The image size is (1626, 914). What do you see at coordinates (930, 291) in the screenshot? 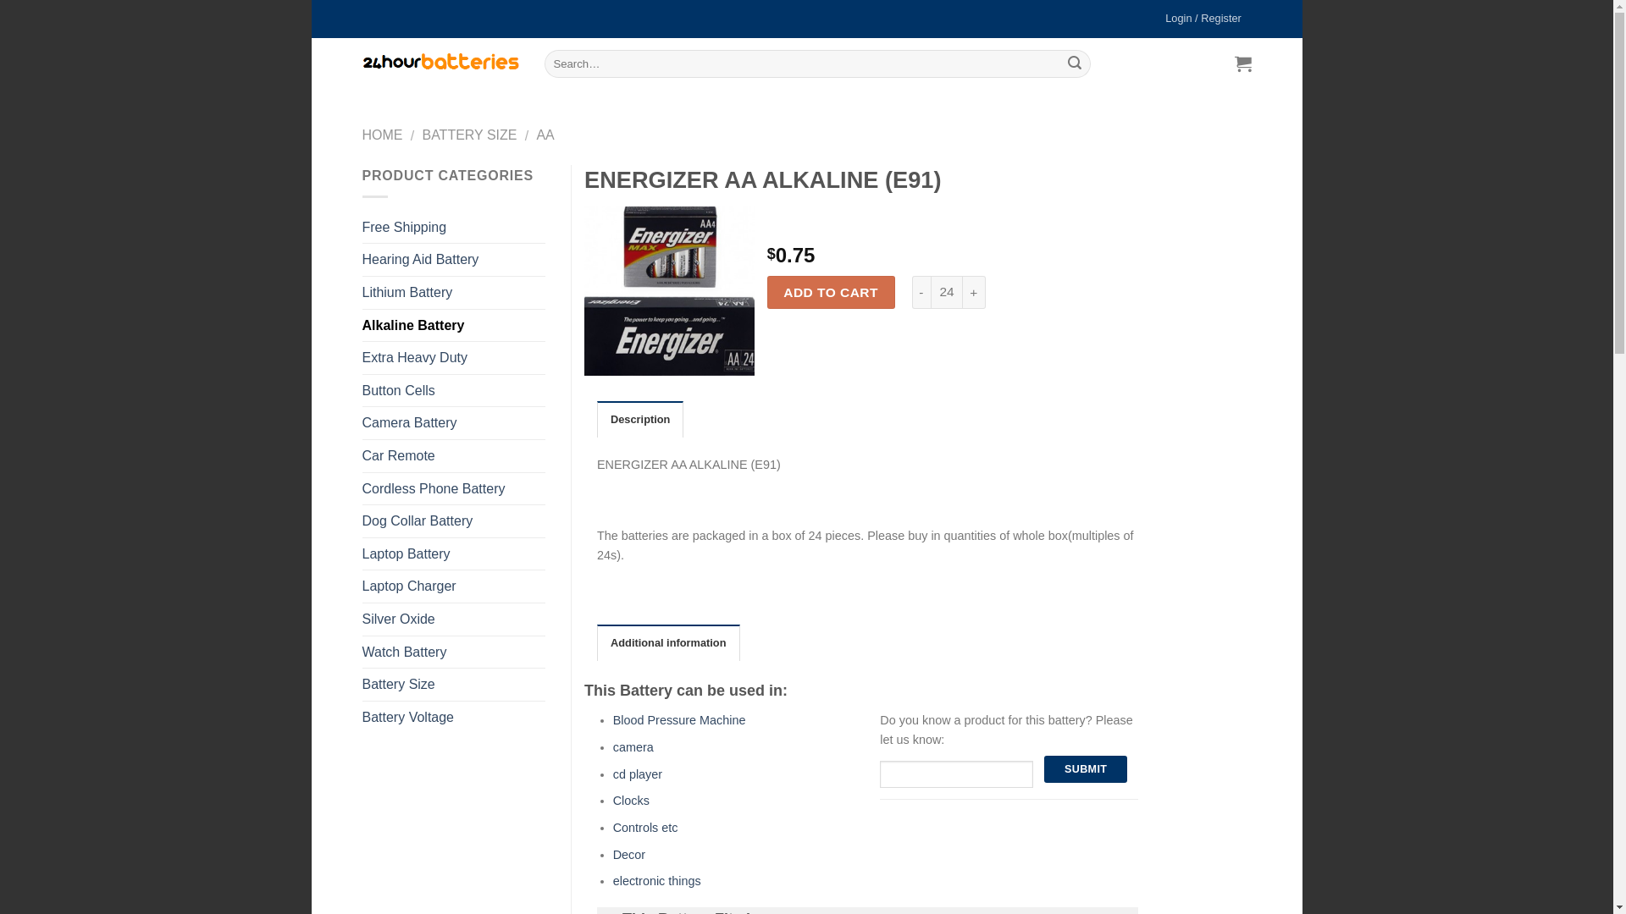
I see `'Qty'` at bounding box center [930, 291].